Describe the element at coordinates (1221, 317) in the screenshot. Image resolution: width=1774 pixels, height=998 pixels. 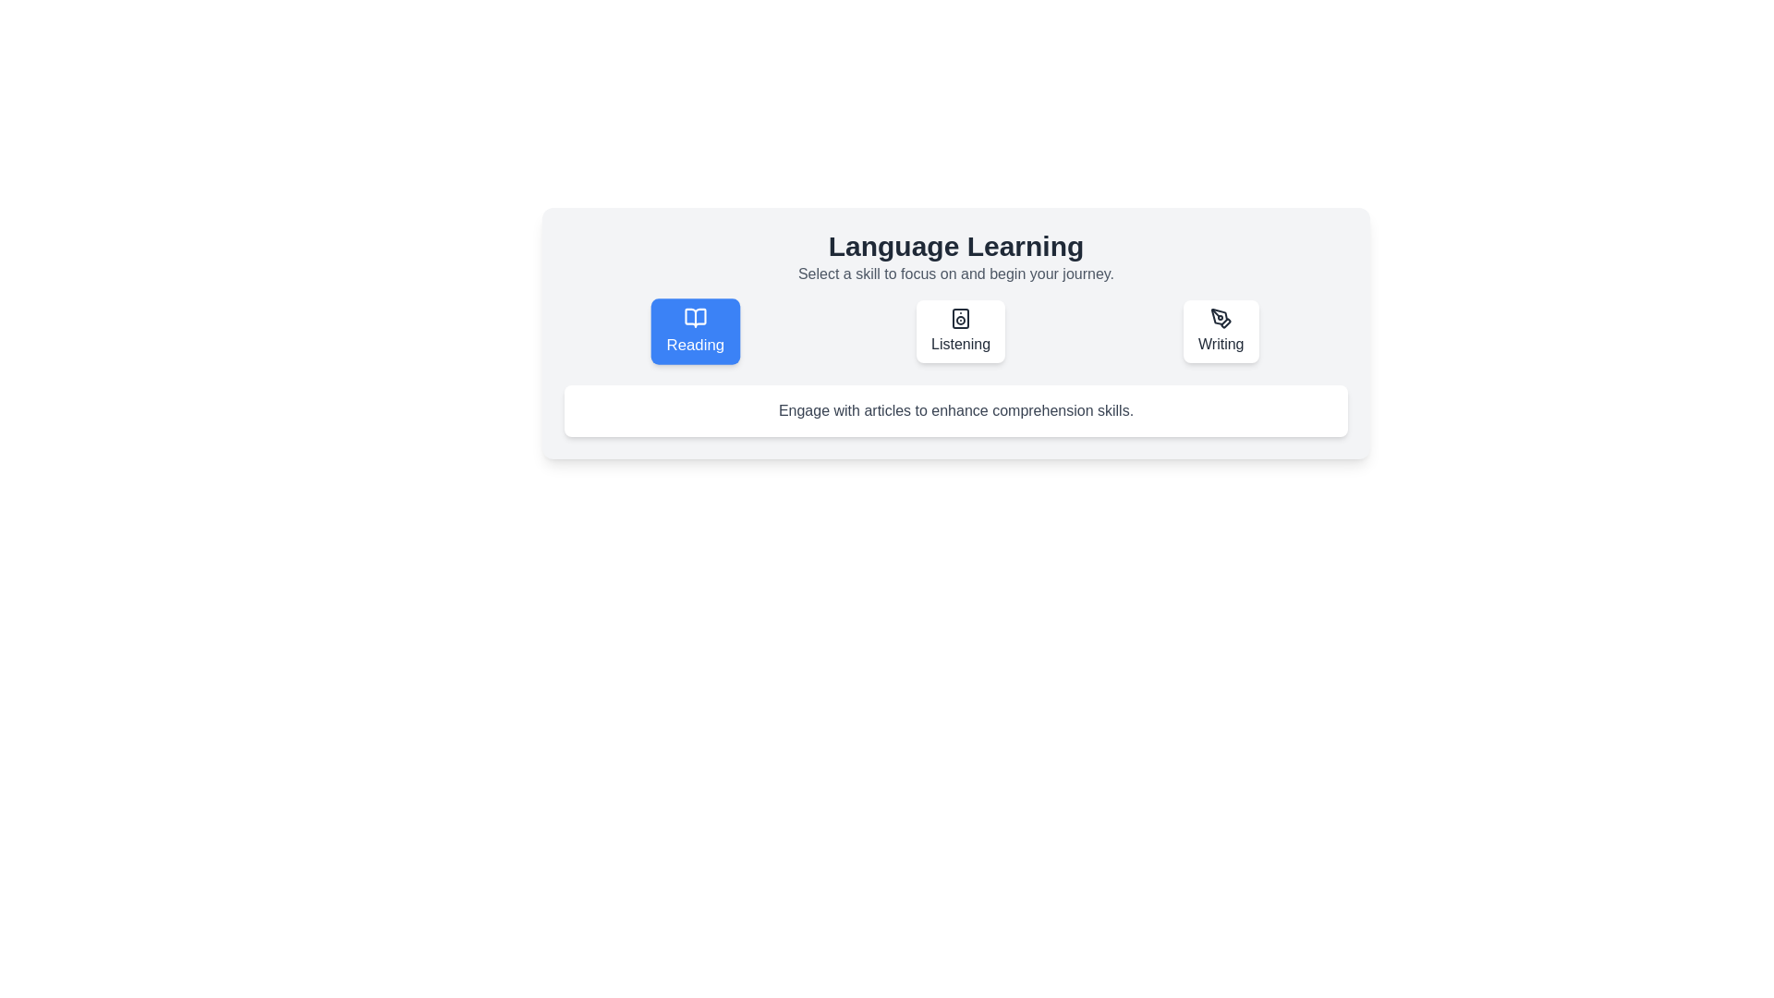
I see `the decorative 'Writing' icon located at the top of the 'Writing' button group, positioned above its label text` at that location.